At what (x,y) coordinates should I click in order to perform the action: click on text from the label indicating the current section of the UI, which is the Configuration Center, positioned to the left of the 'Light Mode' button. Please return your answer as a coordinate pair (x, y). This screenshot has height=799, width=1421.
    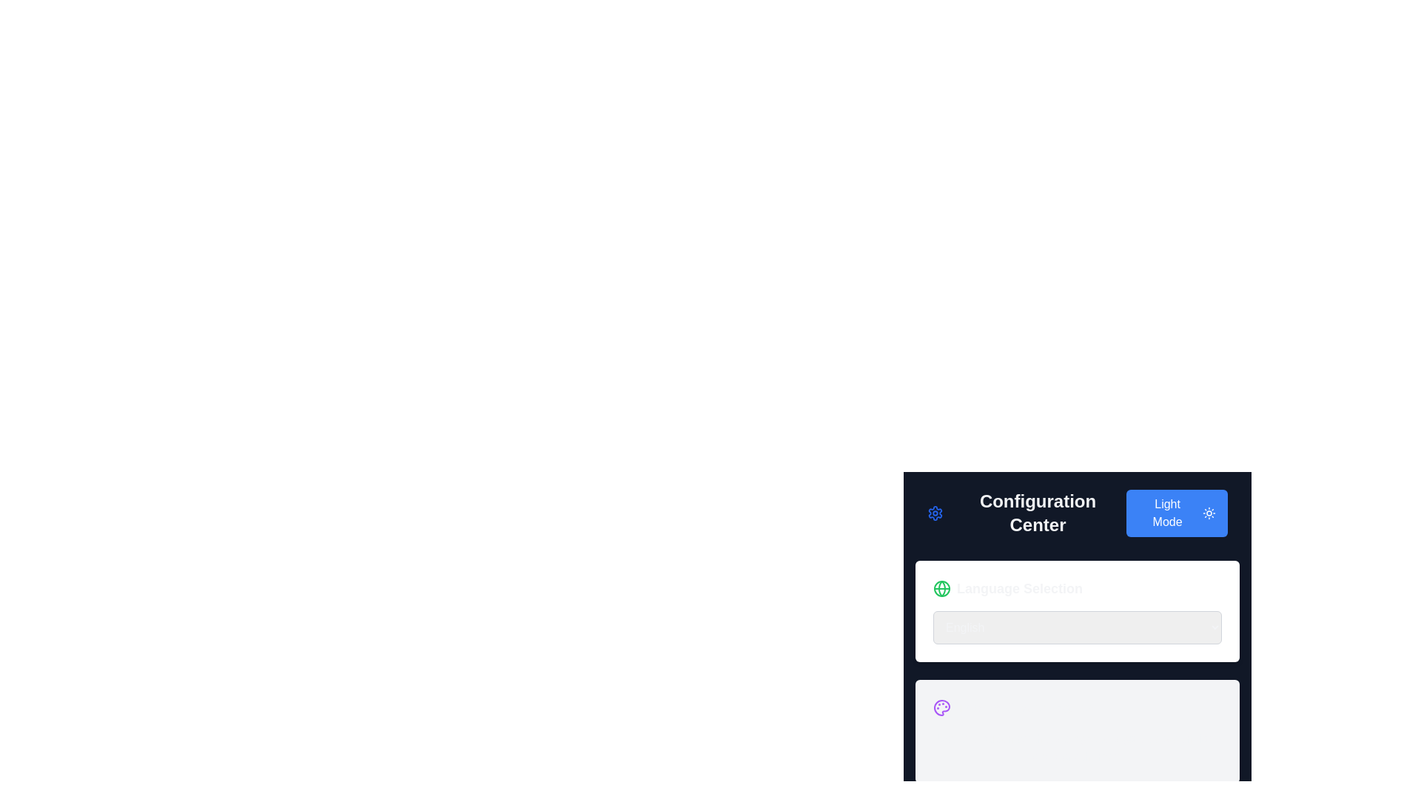
    Looking at the image, I should click on (1026, 513).